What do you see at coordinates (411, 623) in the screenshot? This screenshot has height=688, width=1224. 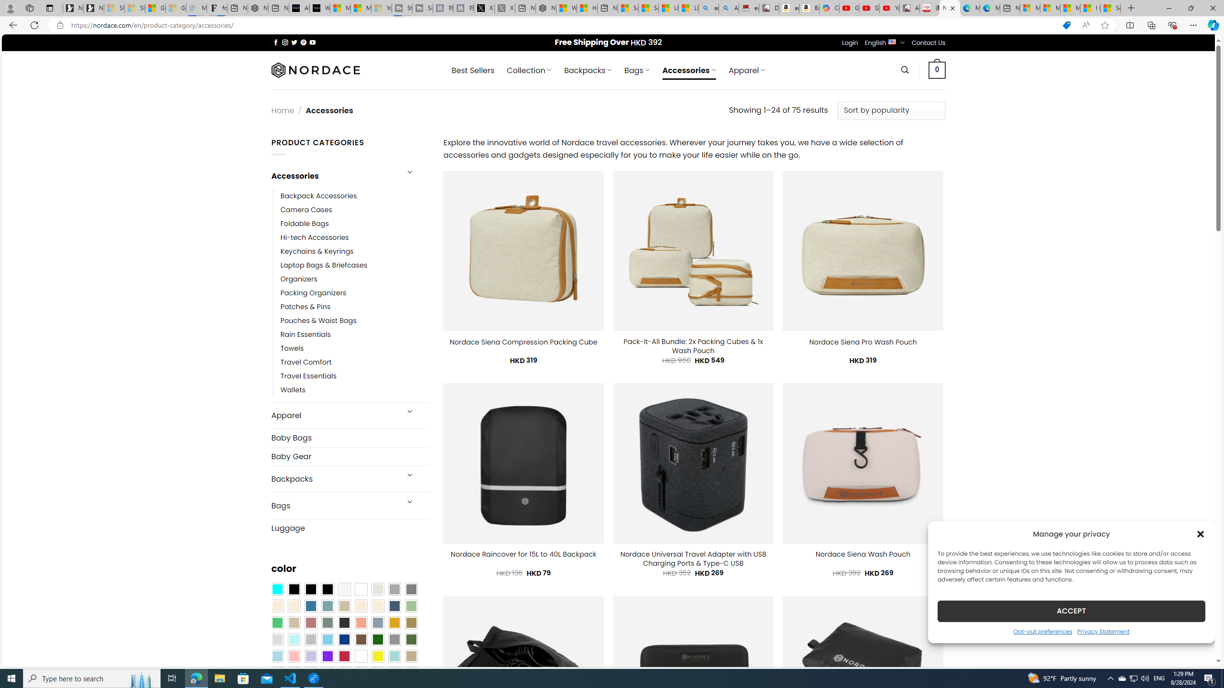 I see `'Kelp'` at bounding box center [411, 623].